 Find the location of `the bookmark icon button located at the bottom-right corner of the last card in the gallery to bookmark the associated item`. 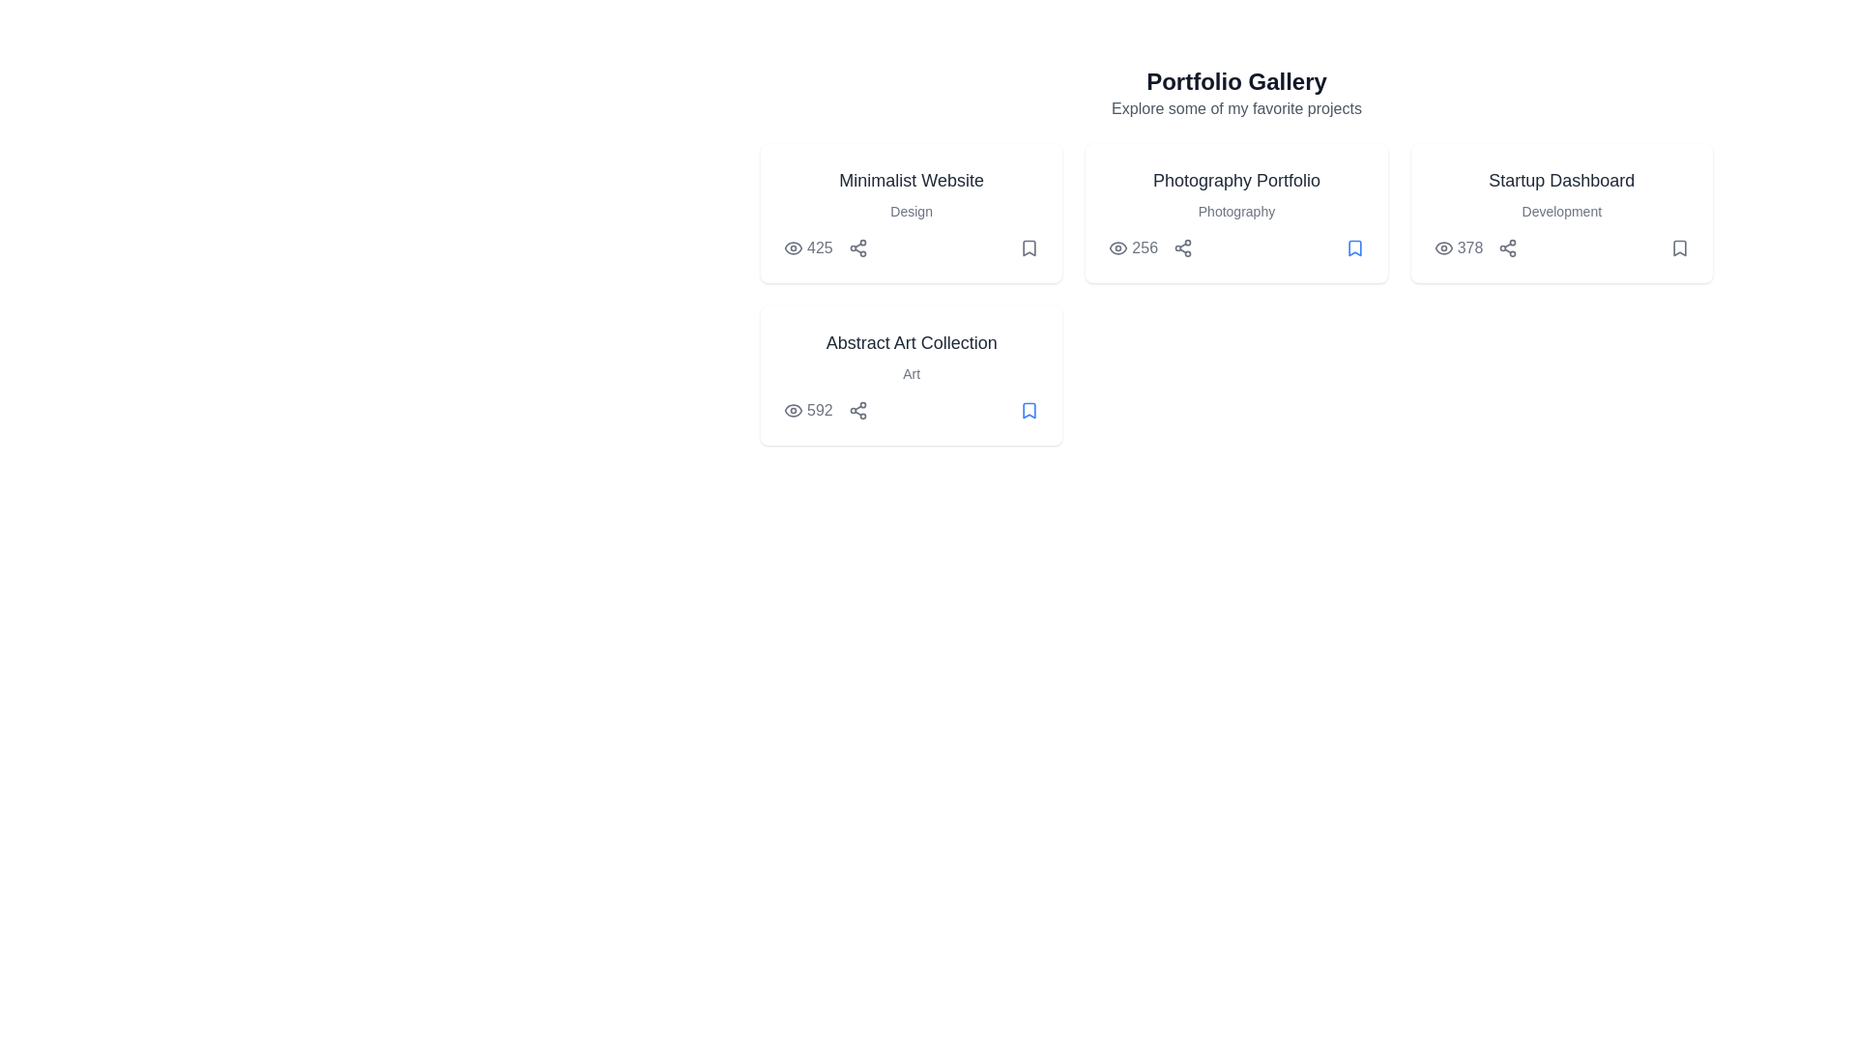

the bookmark icon button located at the bottom-right corner of the last card in the gallery to bookmark the associated item is located at coordinates (1029, 409).